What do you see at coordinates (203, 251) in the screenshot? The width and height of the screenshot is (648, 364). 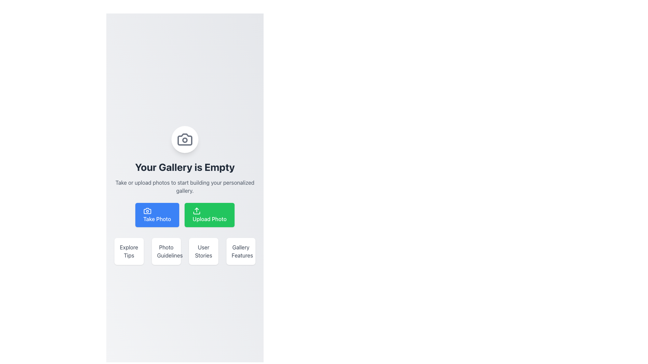 I see `the 'User Stories' button, which is the third button in a grid layout located on the bottom row, between 'Photo Guidelines' and 'Gallery Features', to possibly reveal additional information` at bounding box center [203, 251].